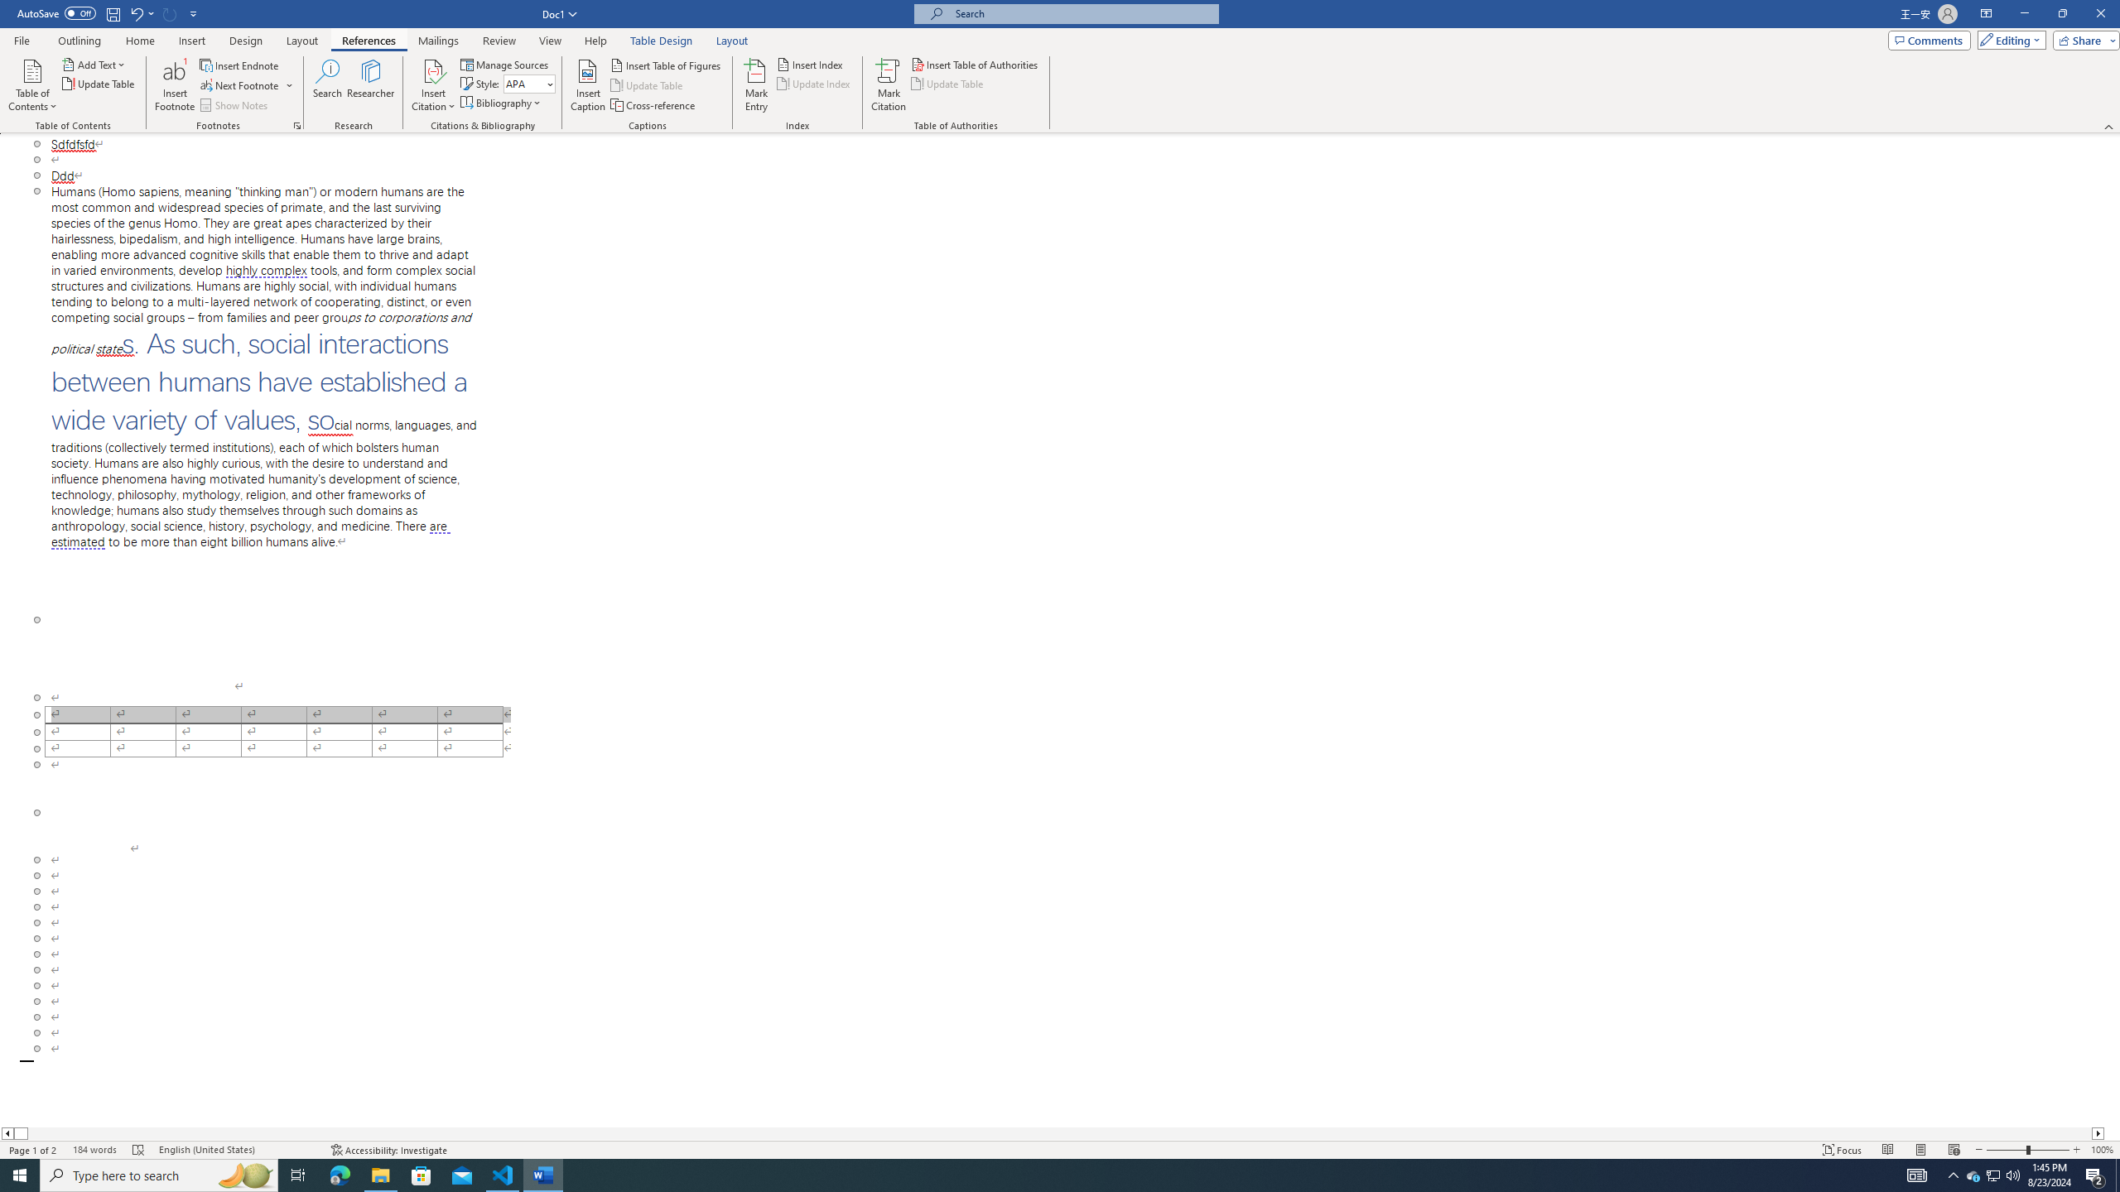 This screenshot has width=2120, height=1192. I want to click on 'Word Count 184 words', so click(94, 1150).